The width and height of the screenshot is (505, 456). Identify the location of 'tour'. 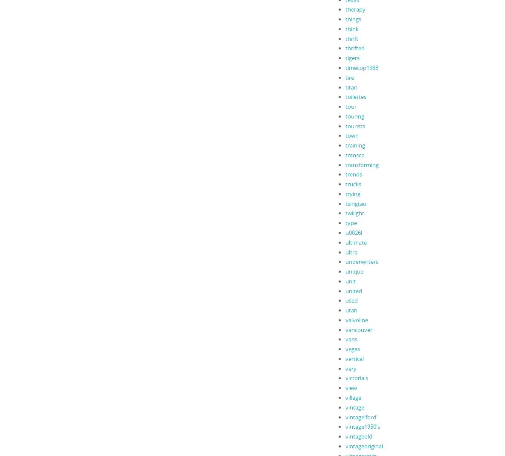
(351, 106).